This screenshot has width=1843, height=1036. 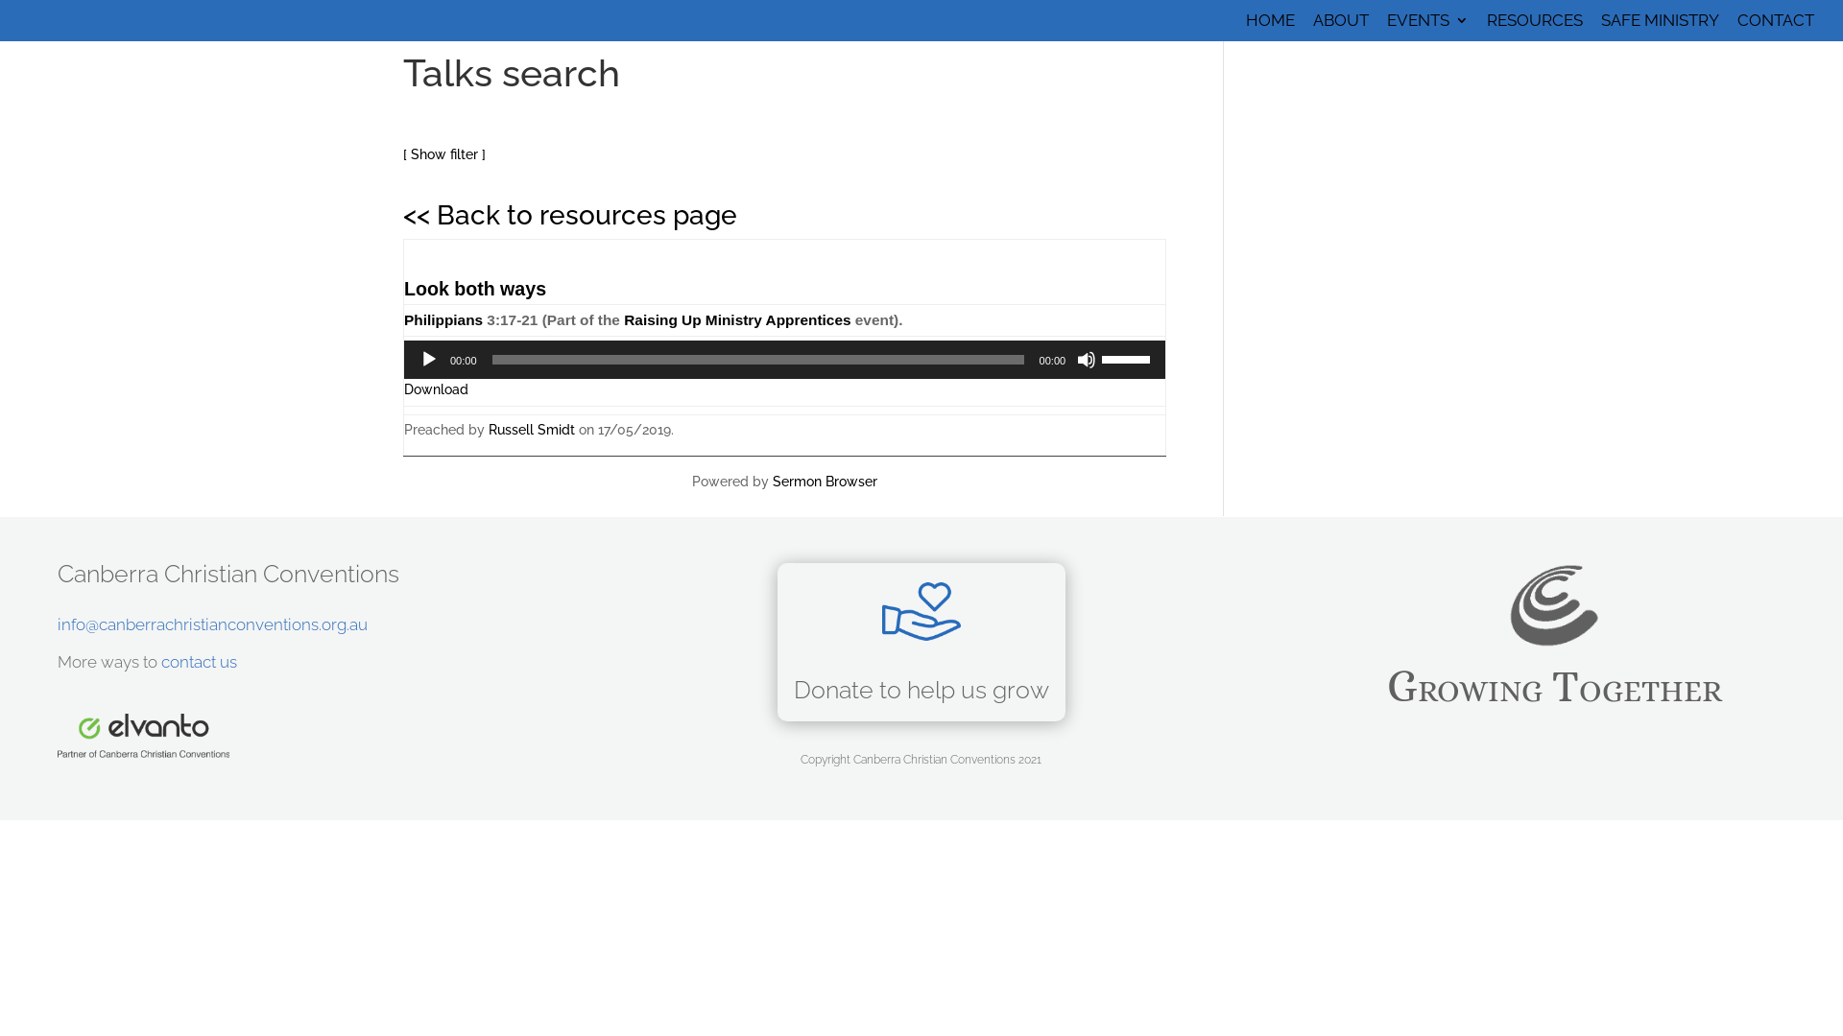 I want to click on 'Look both ways', so click(x=403, y=288).